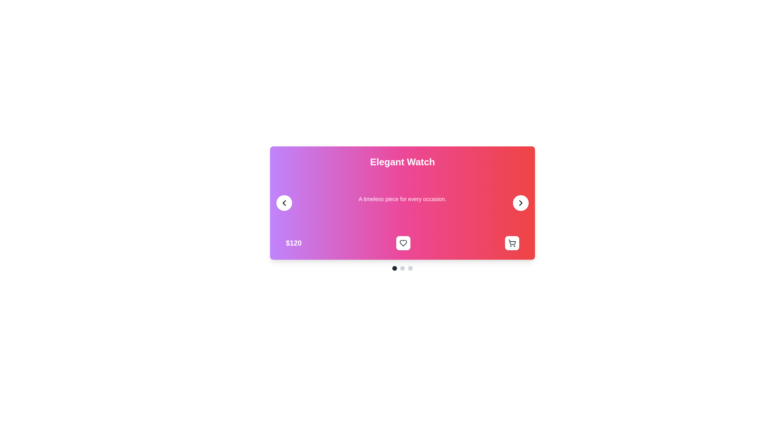  What do you see at coordinates (403, 242) in the screenshot?
I see `the heart icon located within the rounded white button at the bottom-center of the card UI to mark the item as favorite` at bounding box center [403, 242].